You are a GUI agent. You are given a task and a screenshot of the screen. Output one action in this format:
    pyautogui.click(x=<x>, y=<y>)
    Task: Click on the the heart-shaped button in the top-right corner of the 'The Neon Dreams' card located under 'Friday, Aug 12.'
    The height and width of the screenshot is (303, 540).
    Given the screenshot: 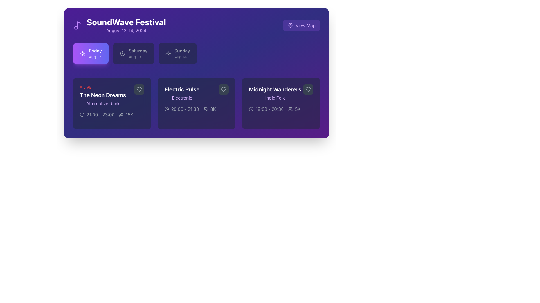 What is the action you would take?
    pyautogui.click(x=139, y=89)
    